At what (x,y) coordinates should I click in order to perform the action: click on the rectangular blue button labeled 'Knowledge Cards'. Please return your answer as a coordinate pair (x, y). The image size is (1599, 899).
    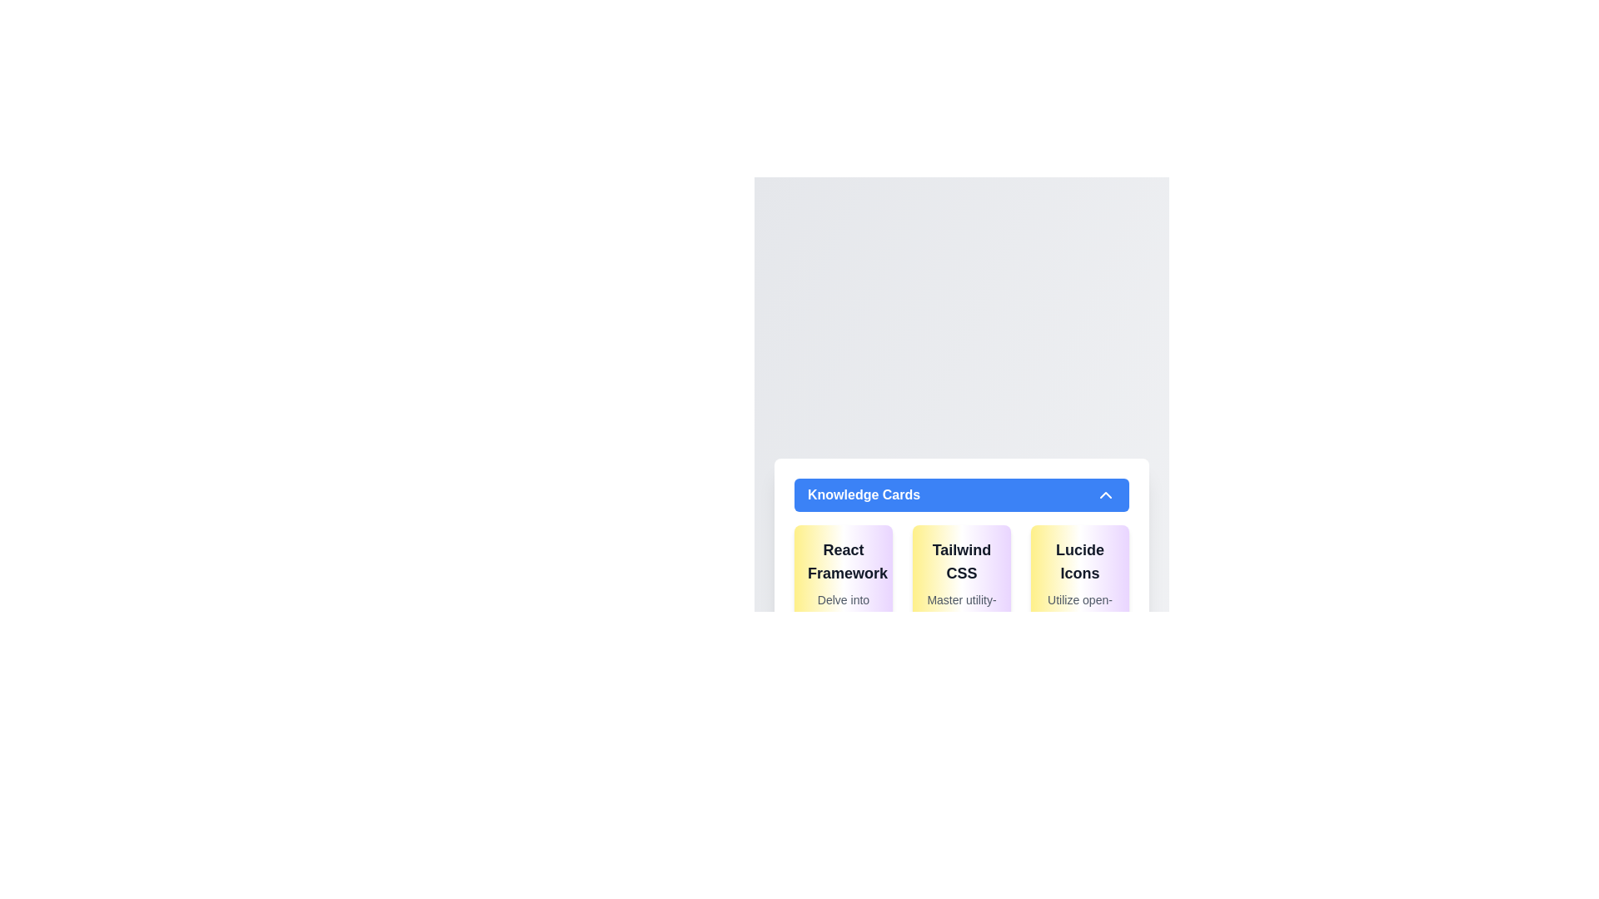
    Looking at the image, I should click on (962, 494).